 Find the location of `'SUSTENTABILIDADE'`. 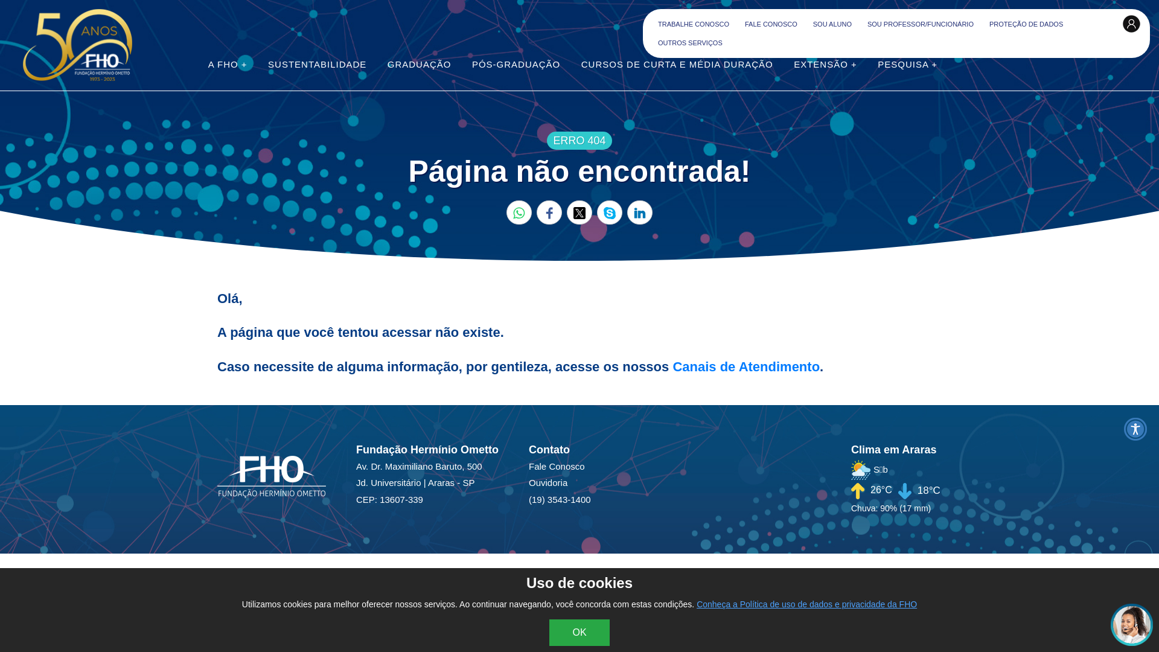

'SUSTENTABILIDADE' is located at coordinates (317, 65).